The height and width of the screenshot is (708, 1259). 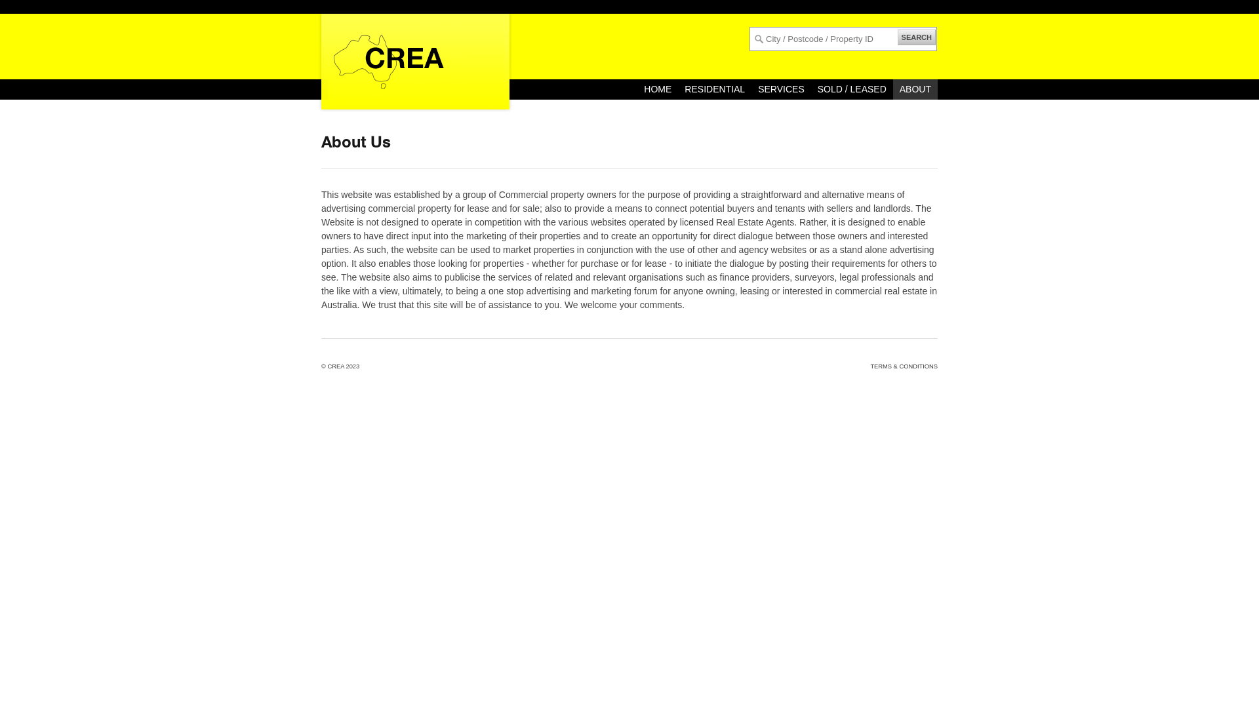 What do you see at coordinates (658, 88) in the screenshot?
I see `'HOME'` at bounding box center [658, 88].